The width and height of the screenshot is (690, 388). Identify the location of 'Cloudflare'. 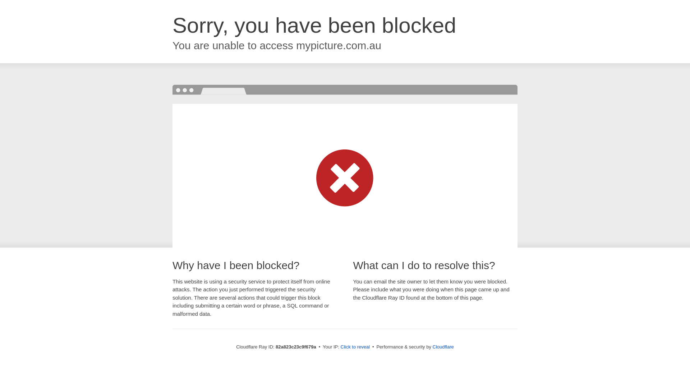
(443, 346).